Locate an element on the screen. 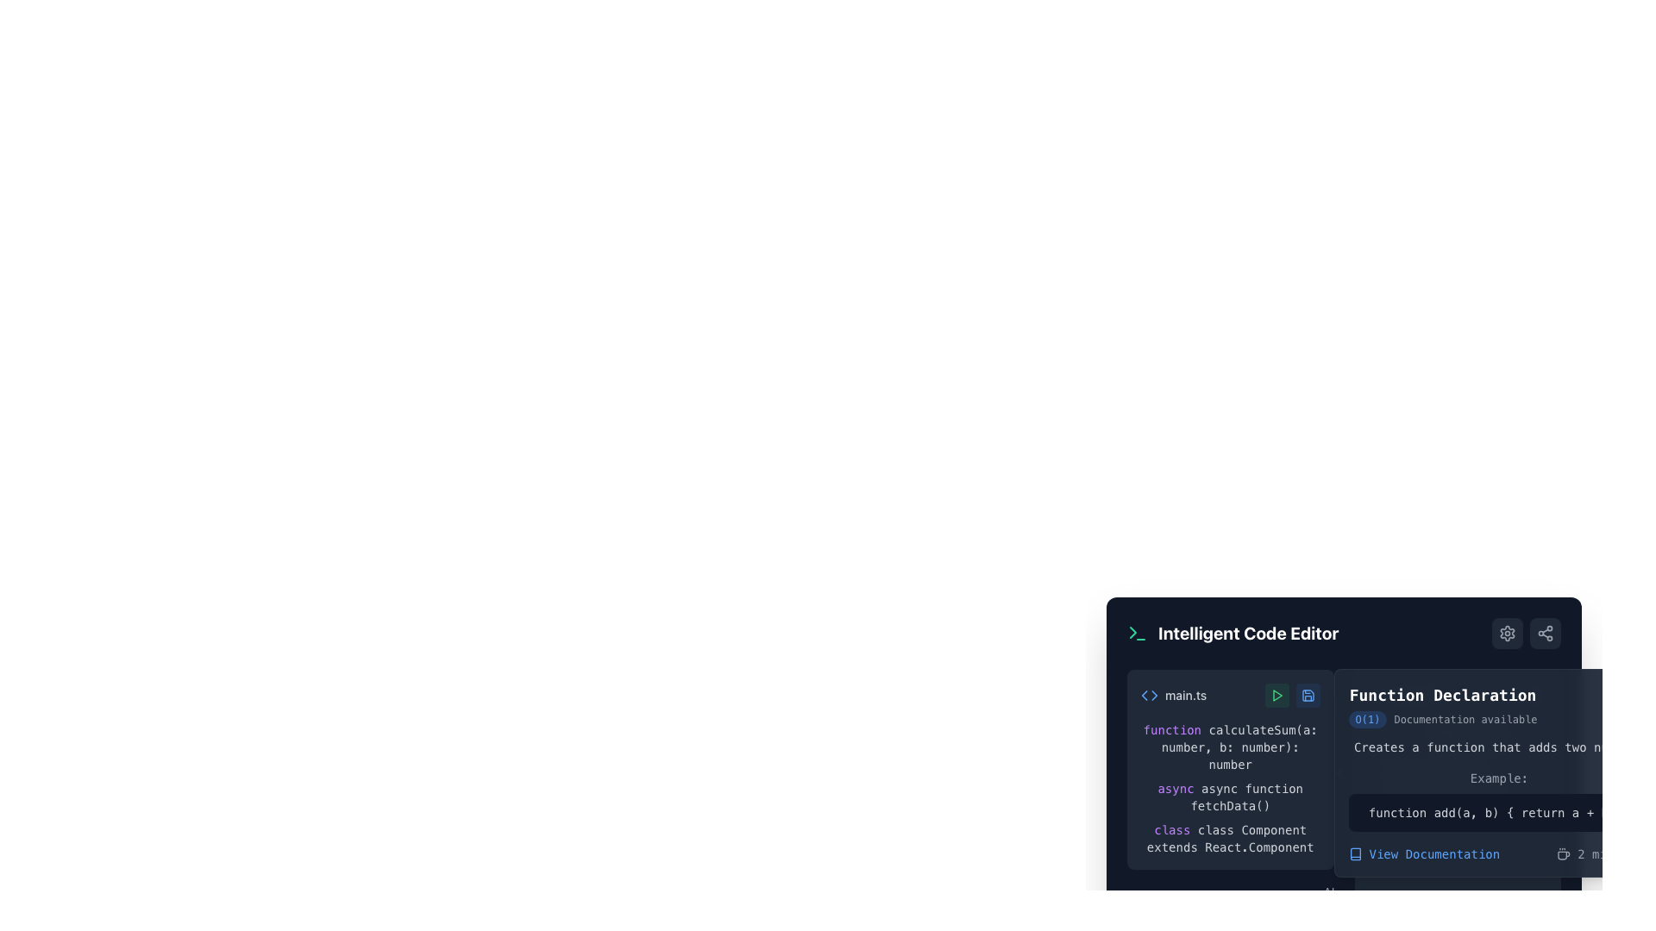 This screenshot has height=931, width=1656. status message from the third entry in the vertical list indicating successful completion of tests is located at coordinates (1457, 788).